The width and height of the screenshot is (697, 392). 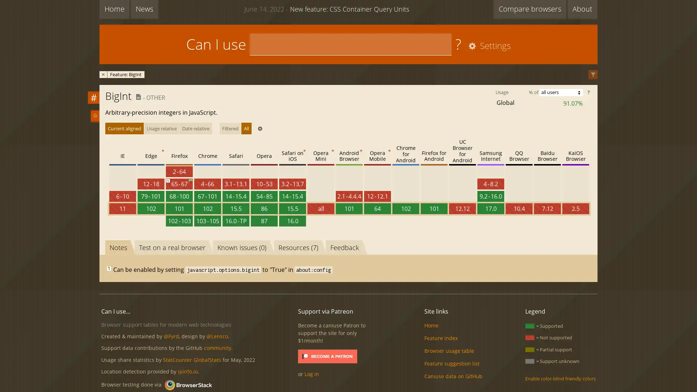 I want to click on ?, so click(x=588, y=92).